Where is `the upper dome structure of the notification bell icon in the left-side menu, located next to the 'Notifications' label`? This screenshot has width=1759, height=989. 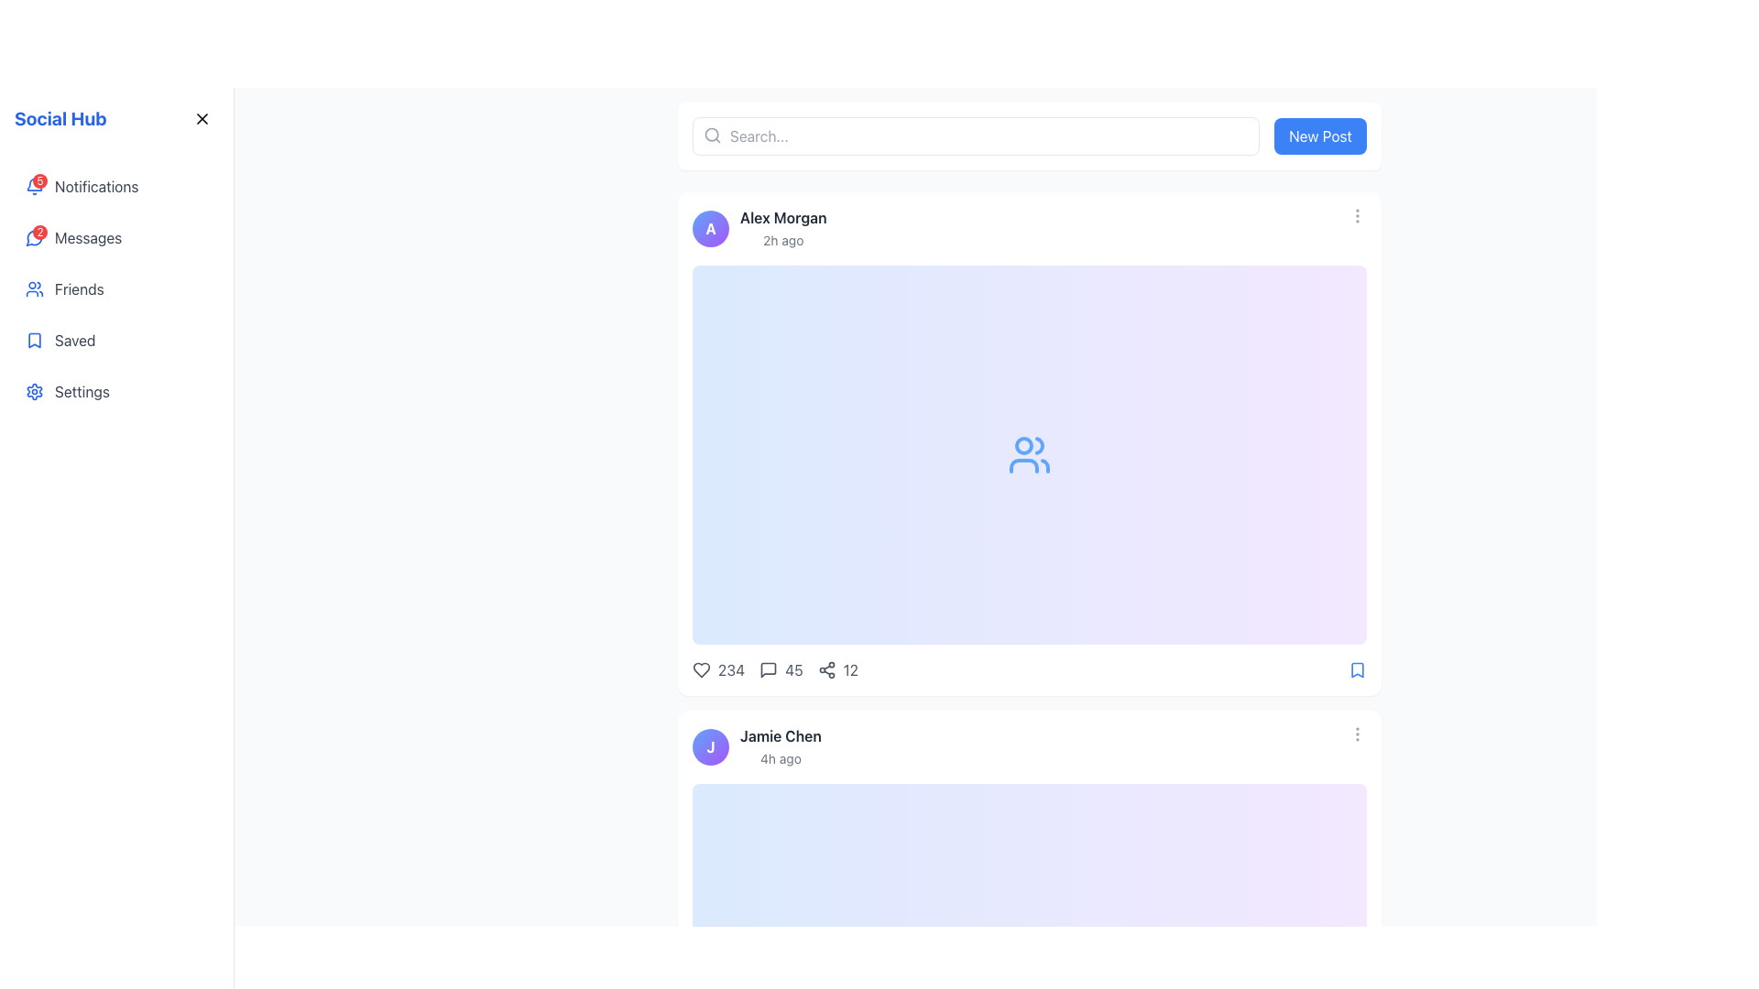 the upper dome structure of the notification bell icon in the left-side menu, located next to the 'Notifications' label is located at coordinates (35, 184).